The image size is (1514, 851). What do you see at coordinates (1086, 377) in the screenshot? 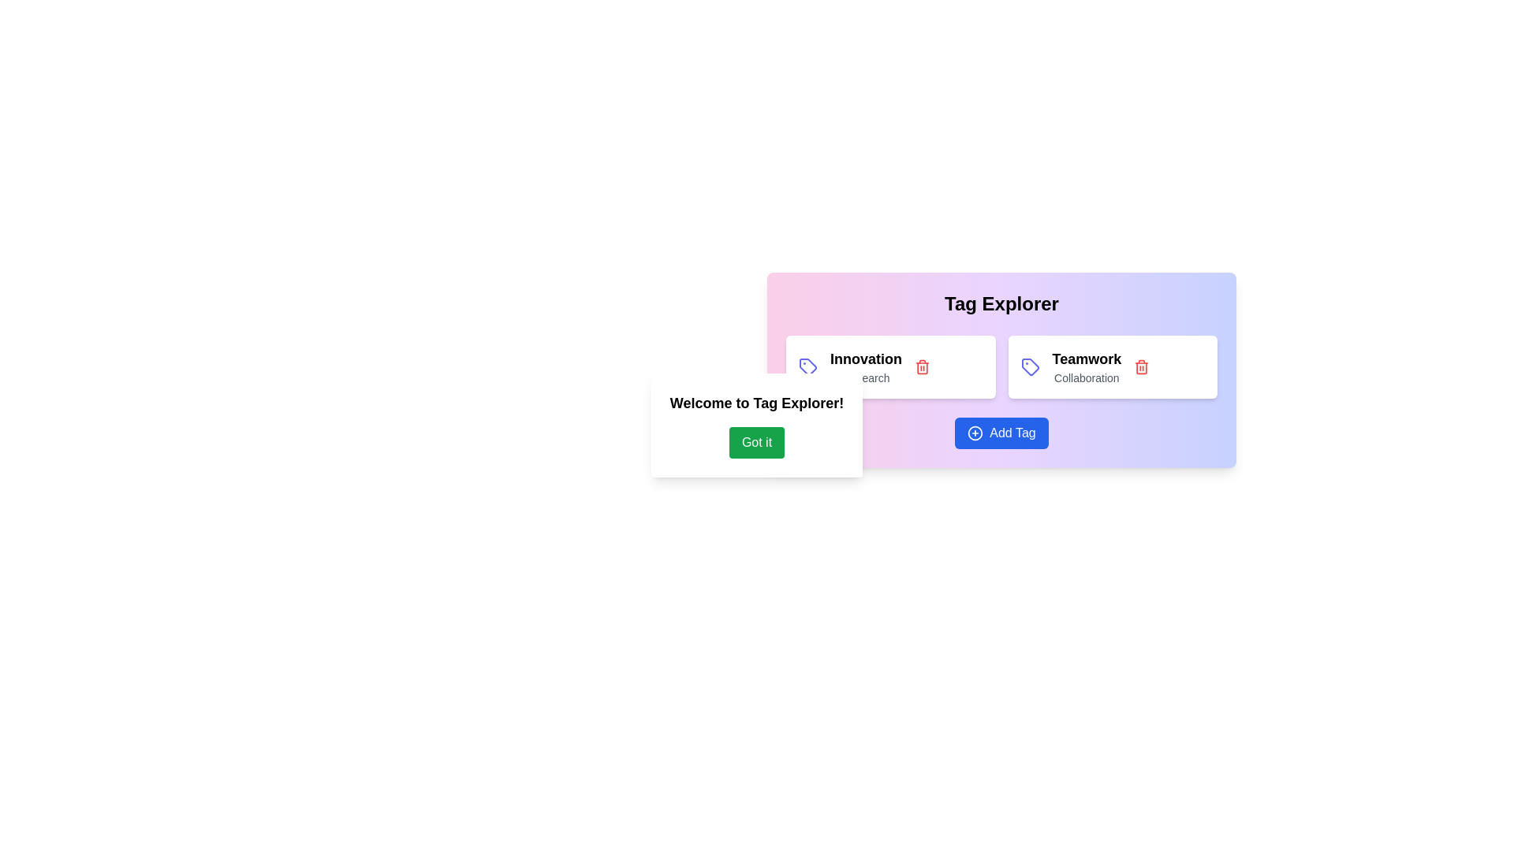
I see `the 'Collaboration' text label, which is a smaller gray font text located below the 'Teamwork' label in the top-right section of the main interface` at bounding box center [1086, 377].